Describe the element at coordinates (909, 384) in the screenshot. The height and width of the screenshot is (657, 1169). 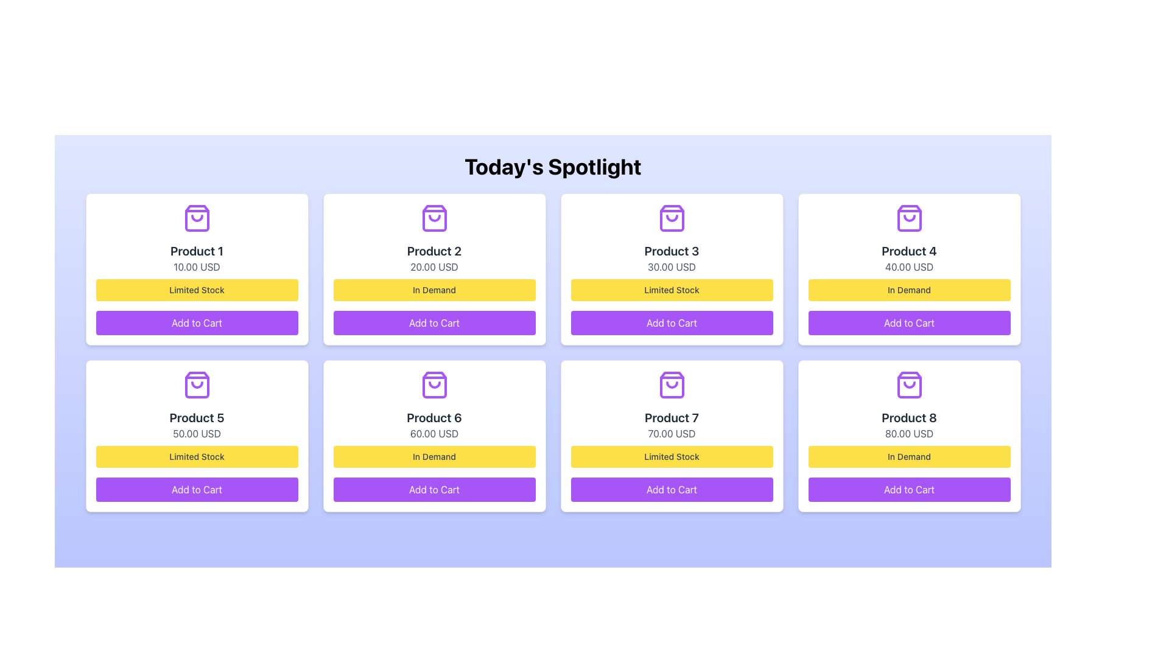
I see `the decorative bag icon at the top-center of the 'Product 8' card, located in the lower-right corner of the grid` at that location.